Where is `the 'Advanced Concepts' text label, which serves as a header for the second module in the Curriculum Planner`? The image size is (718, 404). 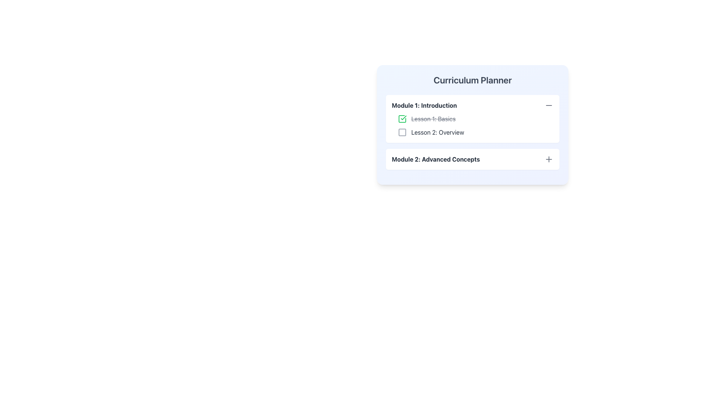 the 'Advanced Concepts' text label, which serves as a header for the second module in the Curriculum Planner is located at coordinates (436, 159).